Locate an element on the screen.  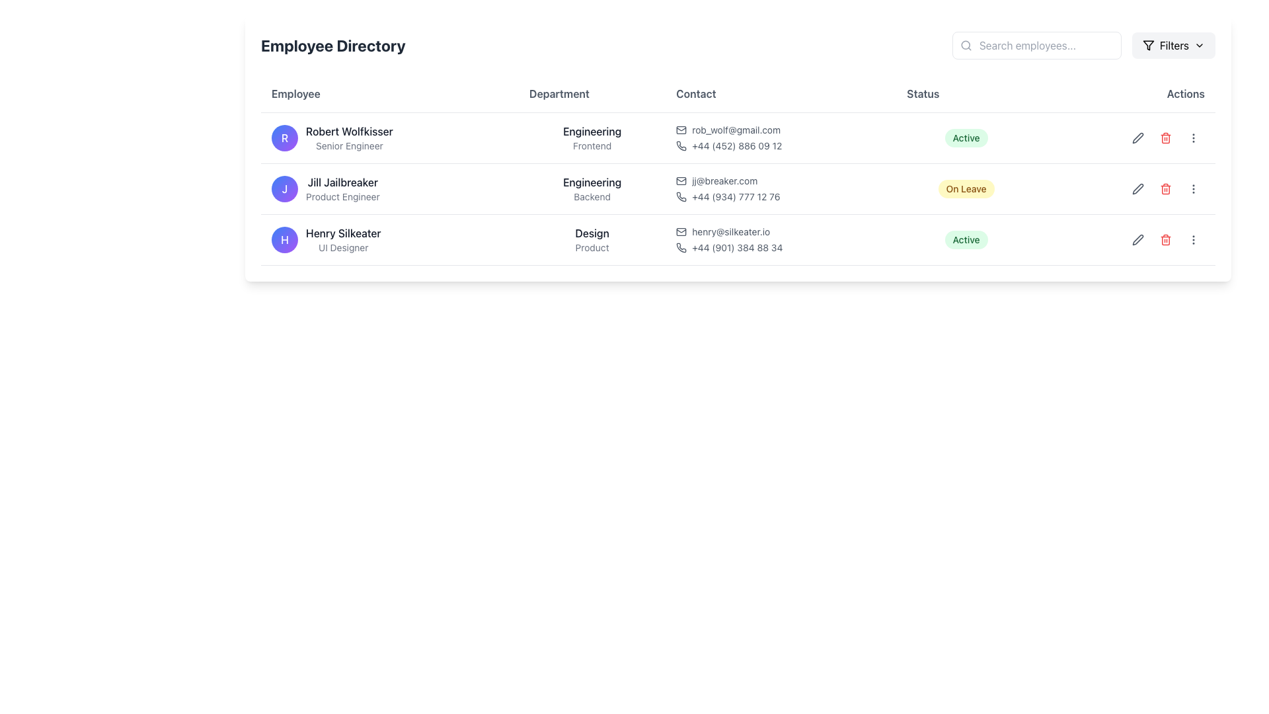
the employee information block in the first row under the 'Employee' column, which contains their name, job title, and an icon represented by the first letter of their name is located at coordinates (389, 138).